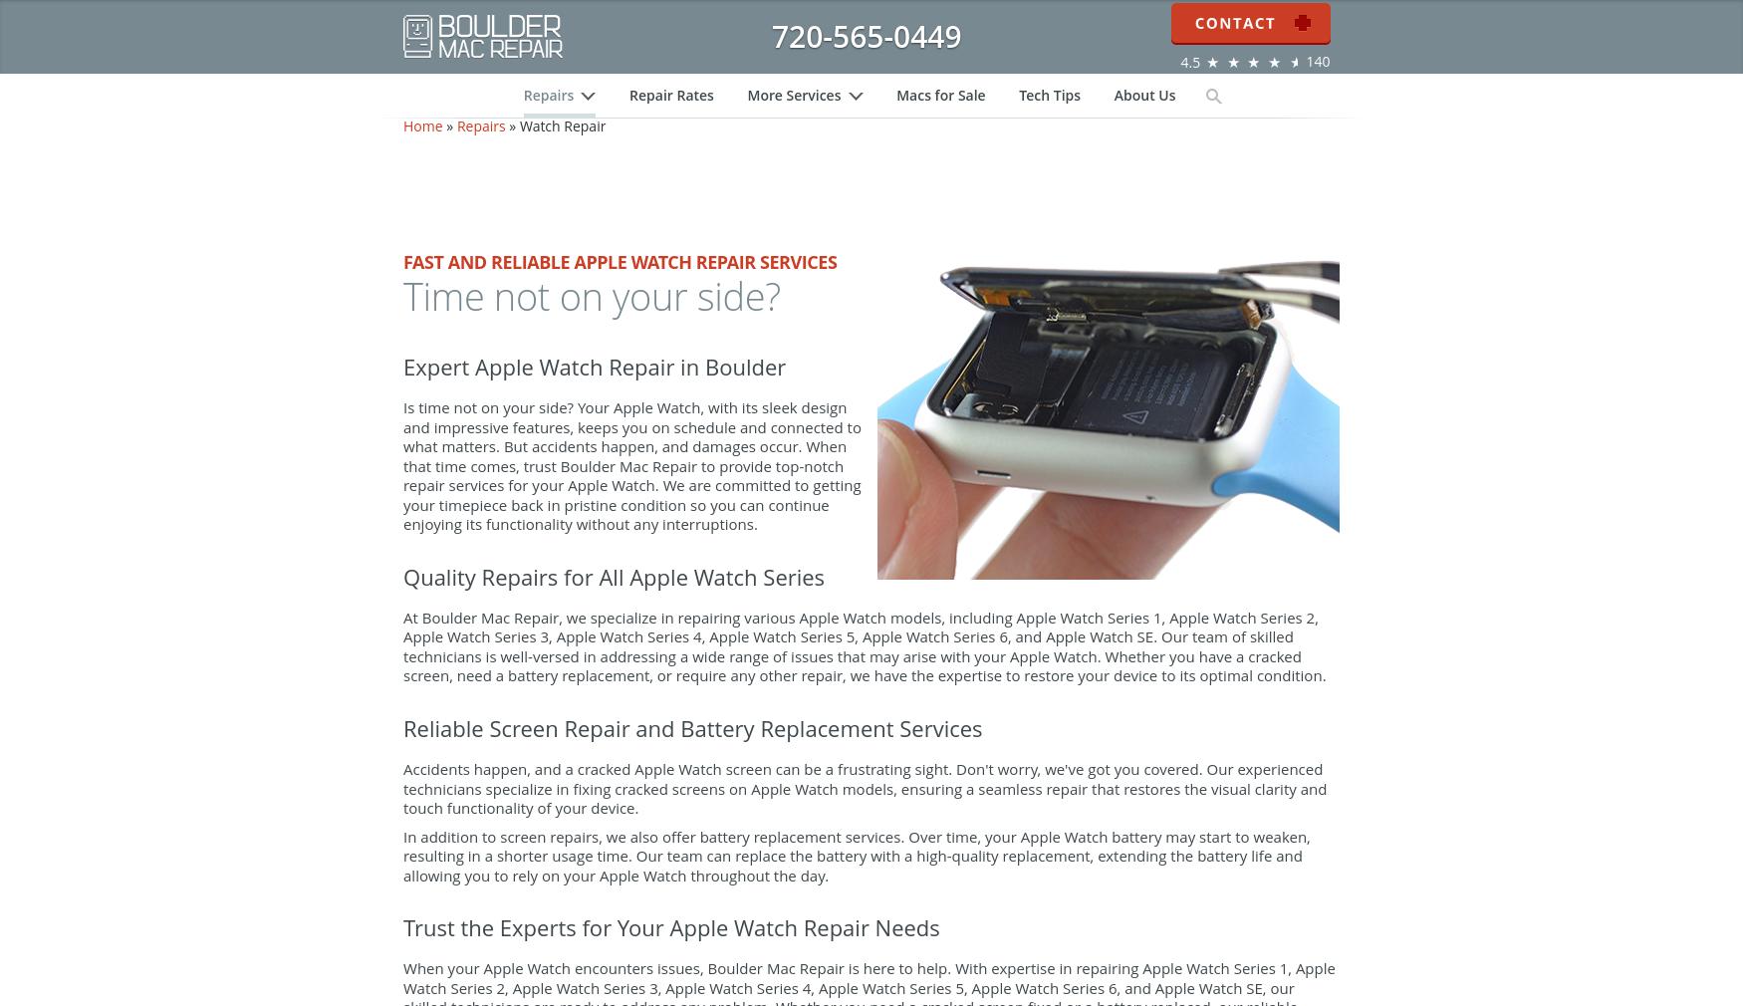  I want to click on 'Contact', so click(1248, 20).